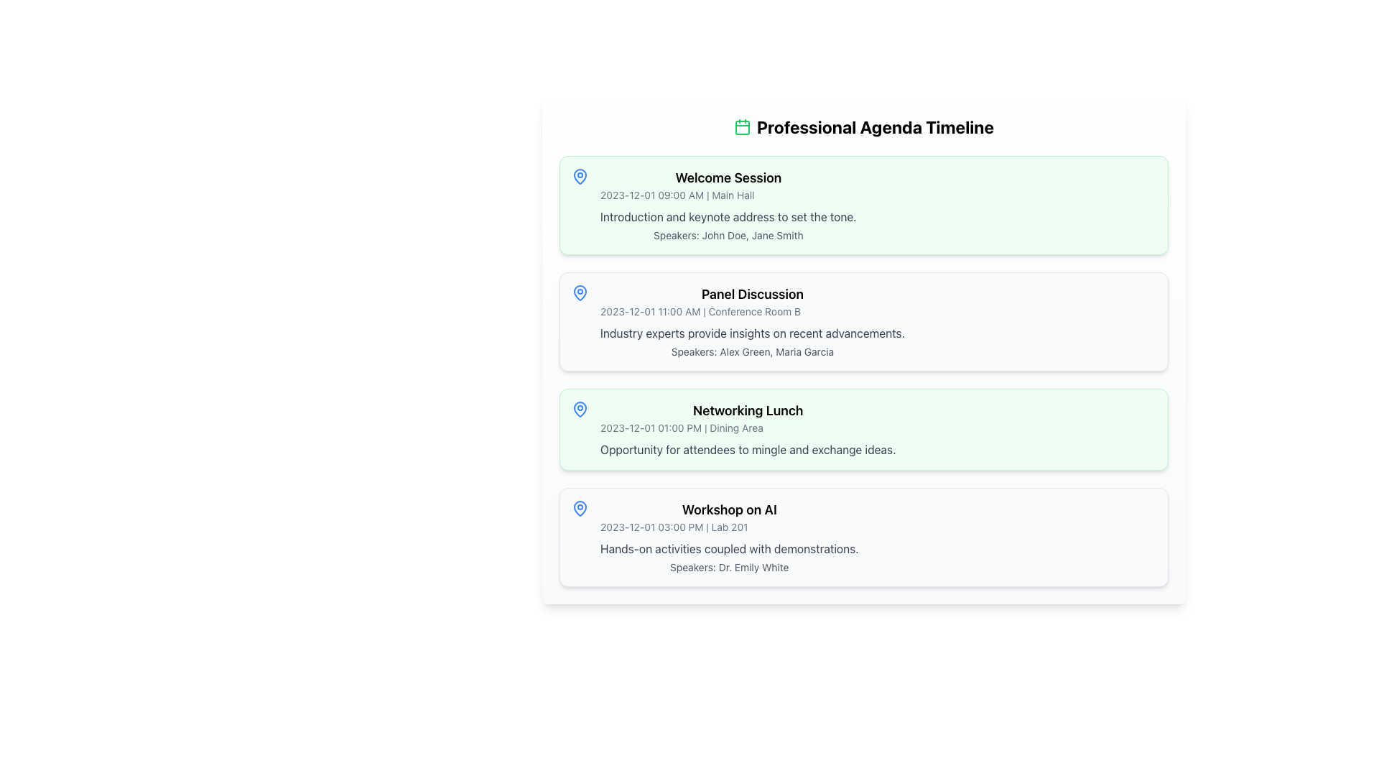 The height and width of the screenshot is (776, 1379). Describe the element at coordinates (728, 205) in the screenshot. I see `the text block that provides details of a scheduled event, located in the upper part of the 'Professional Agenda Timeline' section, being the first session in the vertical list and visually distinct due to its background color` at that location.